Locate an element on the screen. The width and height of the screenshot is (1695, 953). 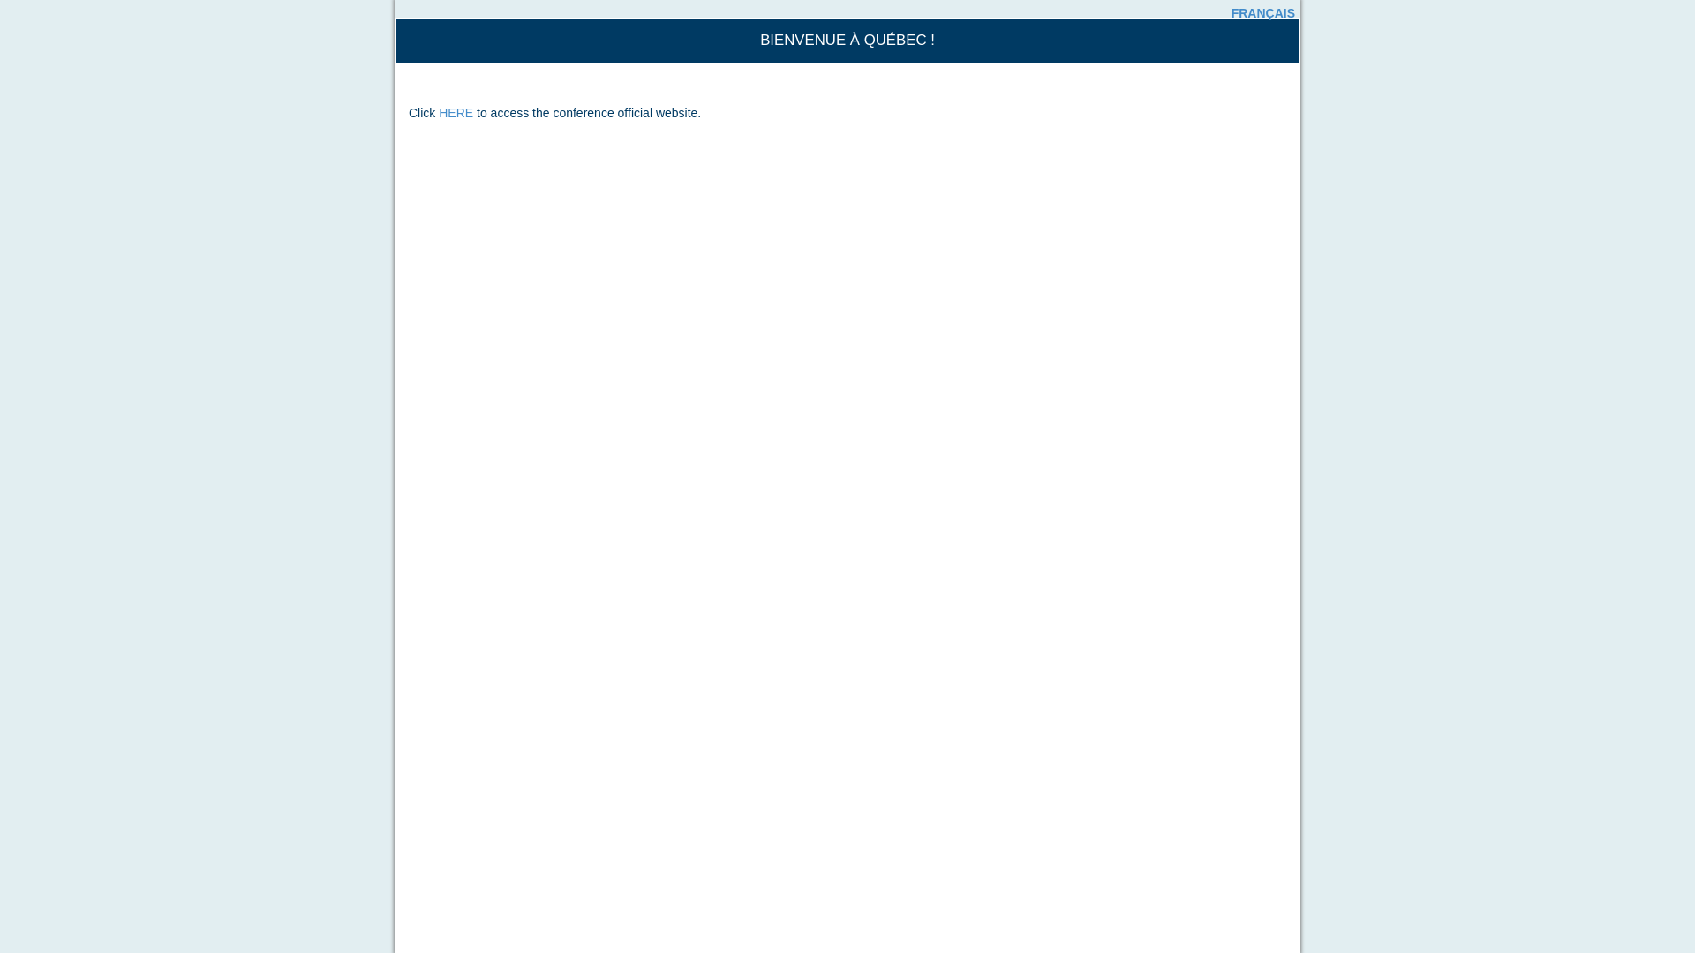
'HERE' is located at coordinates (456, 112).